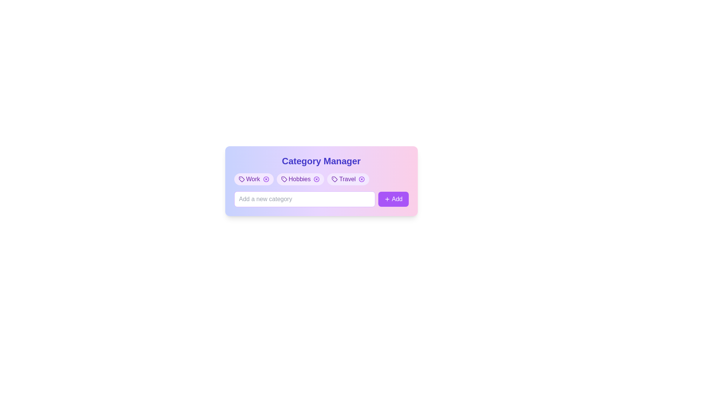 This screenshot has width=722, height=406. Describe the element at coordinates (300, 179) in the screenshot. I see `the 'Hobbies' category chip, which is a pill-shaped element with a lavender background and a darker purple text color, located in the middle of three similar items under 'Category Manager'` at that location.